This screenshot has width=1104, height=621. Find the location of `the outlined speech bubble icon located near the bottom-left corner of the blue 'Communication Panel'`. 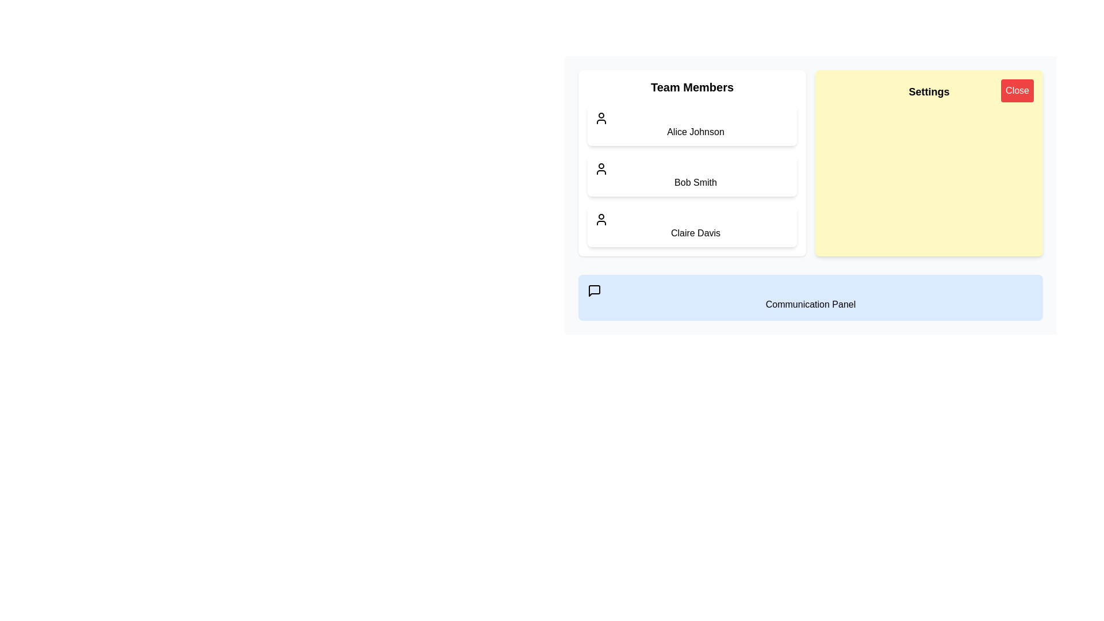

the outlined speech bubble icon located near the bottom-left corner of the blue 'Communication Panel' is located at coordinates (594, 290).